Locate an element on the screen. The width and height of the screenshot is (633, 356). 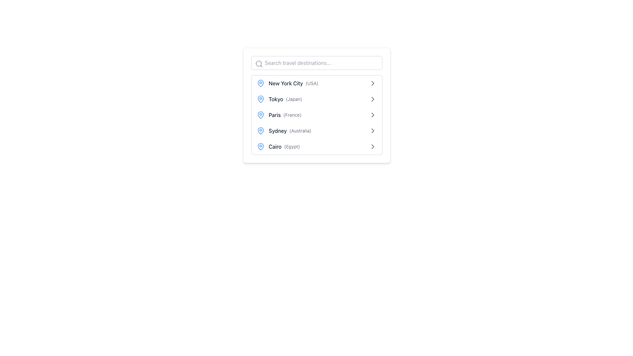
the Decorative Icon, which is a blue pin-shaped SVG element located adjacent to the 'Paris (France)' text in a vertical list of travel destinations is located at coordinates (260, 114).